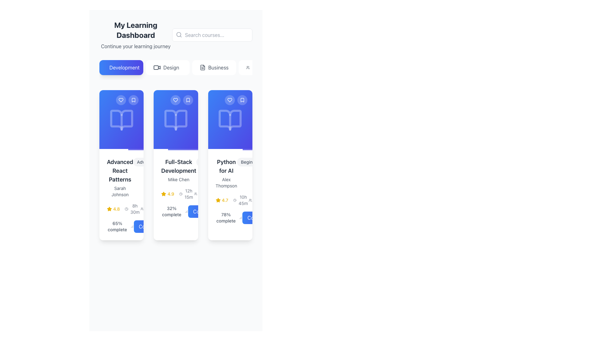  Describe the element at coordinates (232, 200) in the screenshot. I see `the informational display that shows the course's rating and estimated duration, located within the 'Python for AI' card under the 'Development' category` at that location.